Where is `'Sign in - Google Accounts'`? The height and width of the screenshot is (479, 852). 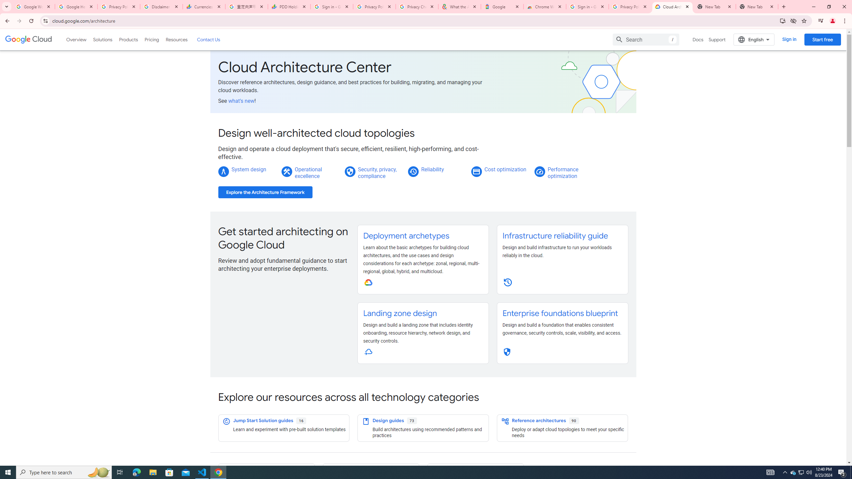 'Sign in - Google Accounts' is located at coordinates (587, 6).